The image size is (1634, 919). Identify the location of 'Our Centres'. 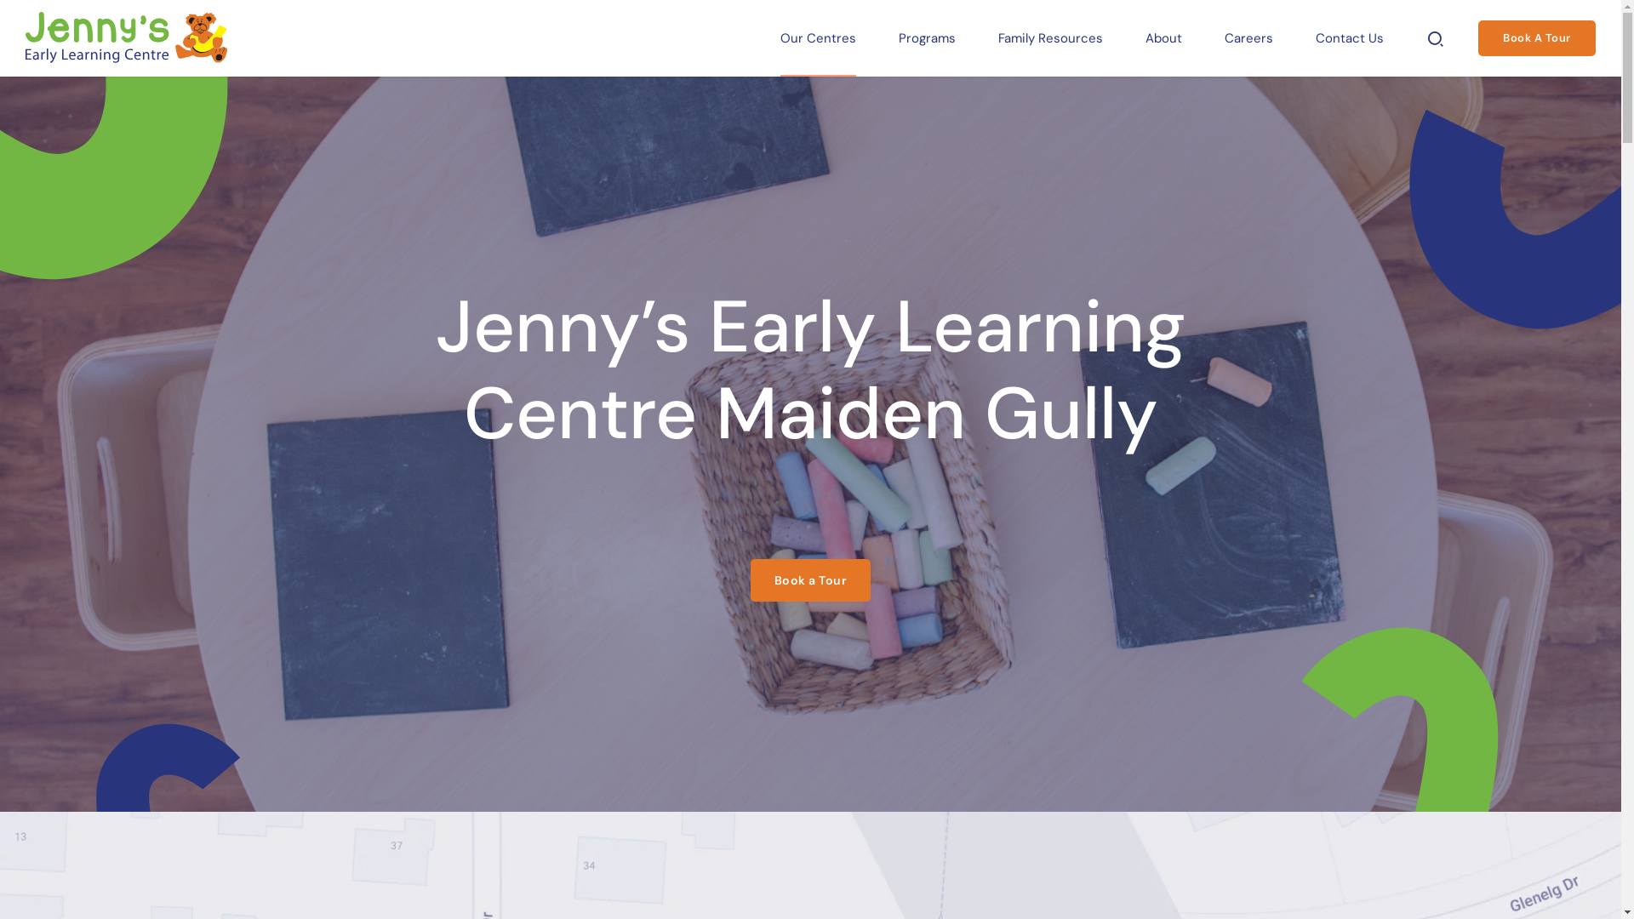
(818, 38).